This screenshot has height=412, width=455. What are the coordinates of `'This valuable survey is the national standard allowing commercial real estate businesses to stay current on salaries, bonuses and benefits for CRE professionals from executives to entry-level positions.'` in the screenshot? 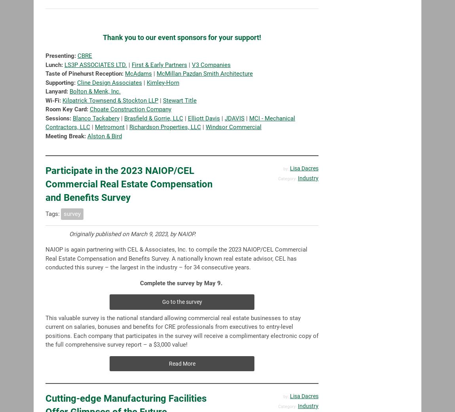 It's located at (173, 326).